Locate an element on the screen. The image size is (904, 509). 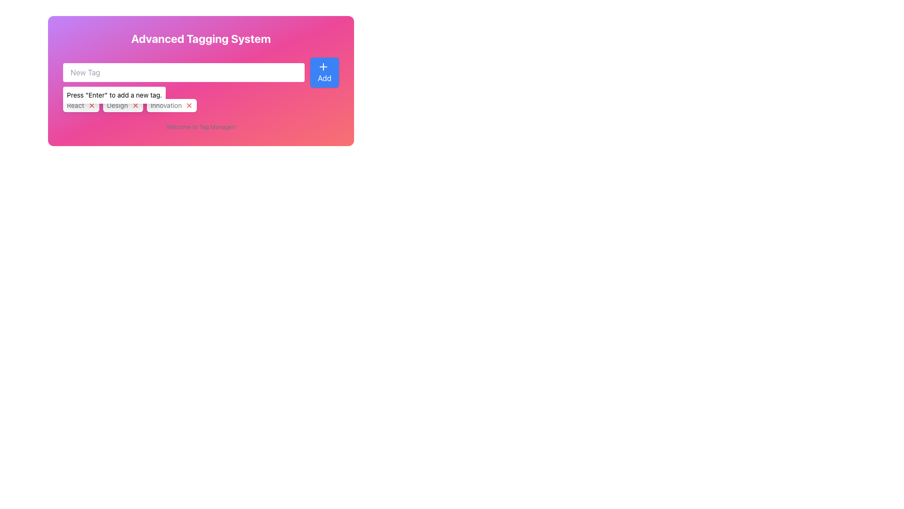
the tooltip that instructs 'Press "Enter" to add a new tag.' which appears below the 'New Tag' input field is located at coordinates (114, 95).